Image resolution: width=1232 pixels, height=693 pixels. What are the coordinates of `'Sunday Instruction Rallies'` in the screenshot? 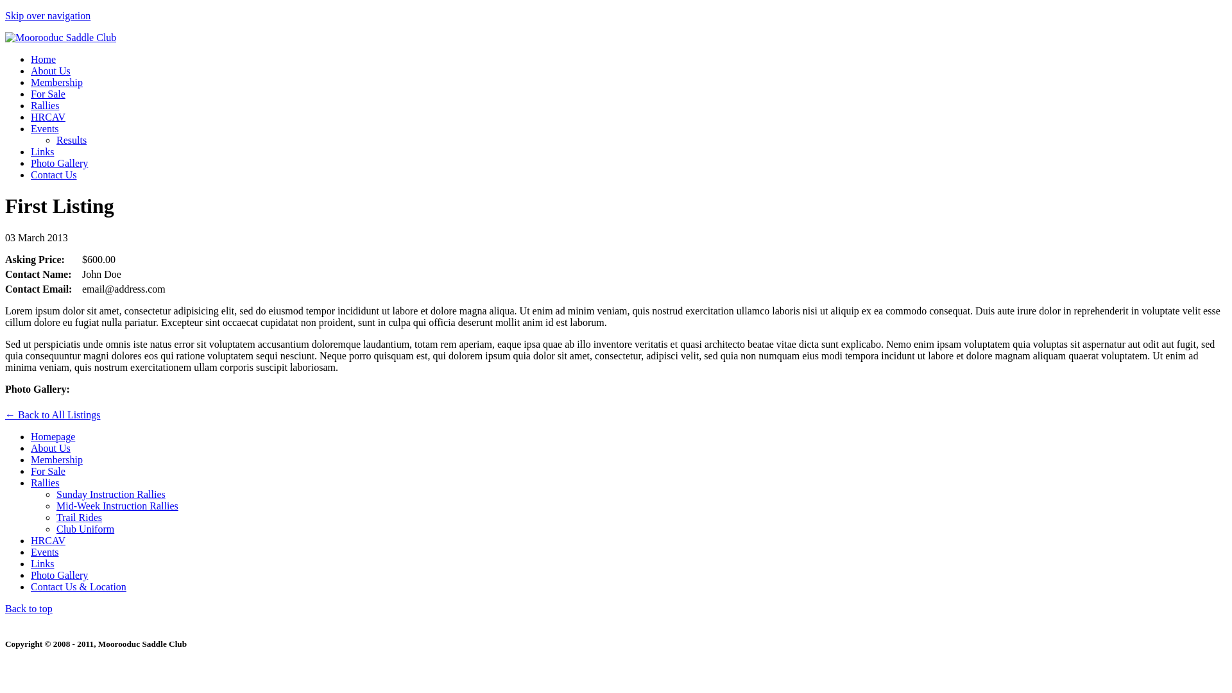 It's located at (110, 493).